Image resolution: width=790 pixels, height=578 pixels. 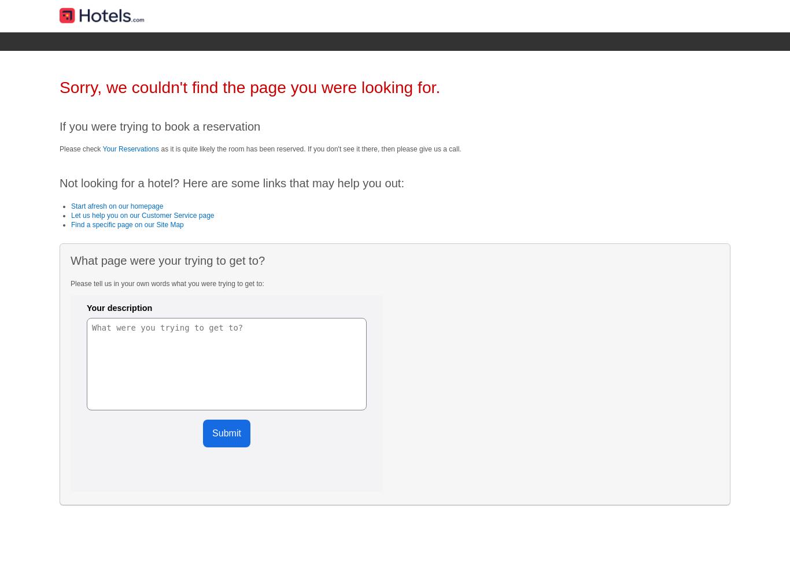 I want to click on 'Your Reservations', so click(x=130, y=149).